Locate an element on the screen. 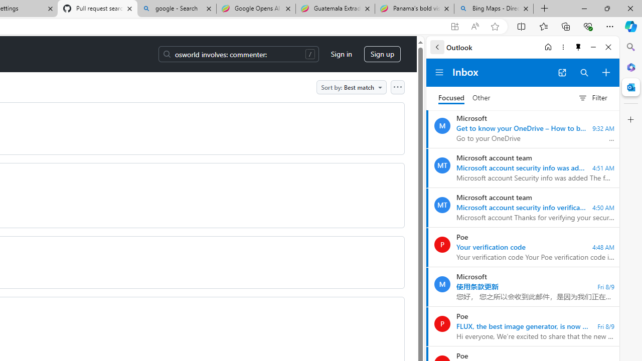 Image resolution: width=642 pixels, height=361 pixels. 'Sort by: Best match' is located at coordinates (351, 86).